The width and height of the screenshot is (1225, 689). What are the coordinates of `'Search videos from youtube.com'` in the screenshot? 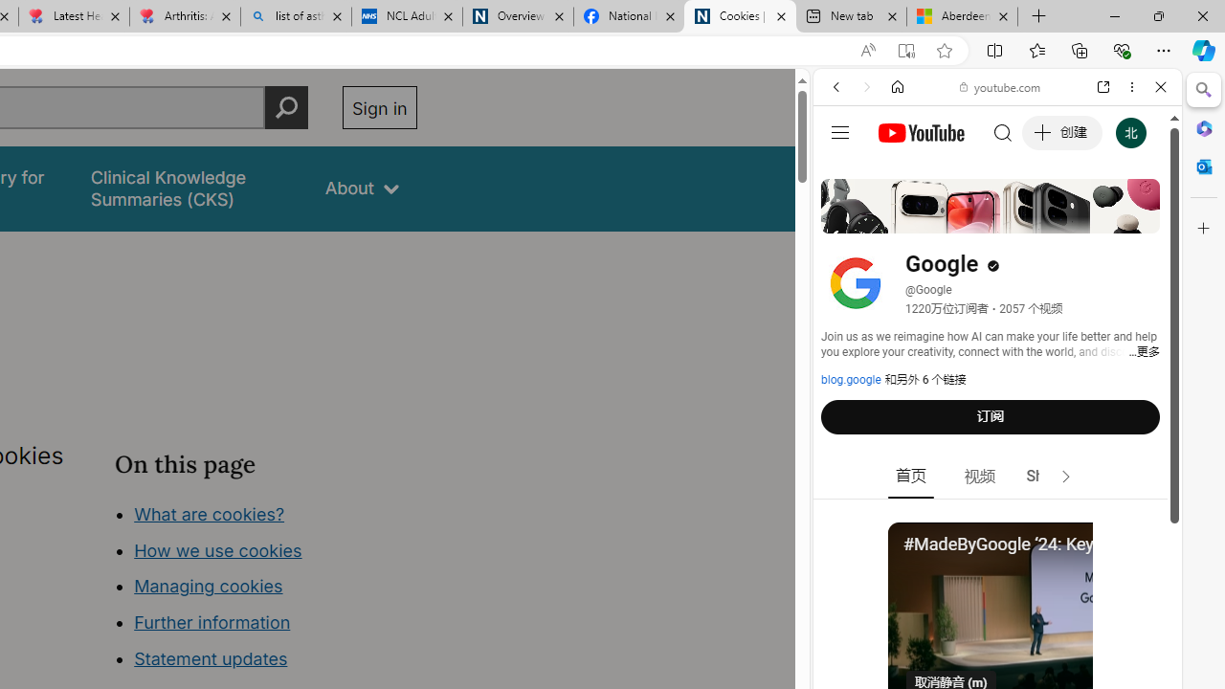 It's located at (963, 630).